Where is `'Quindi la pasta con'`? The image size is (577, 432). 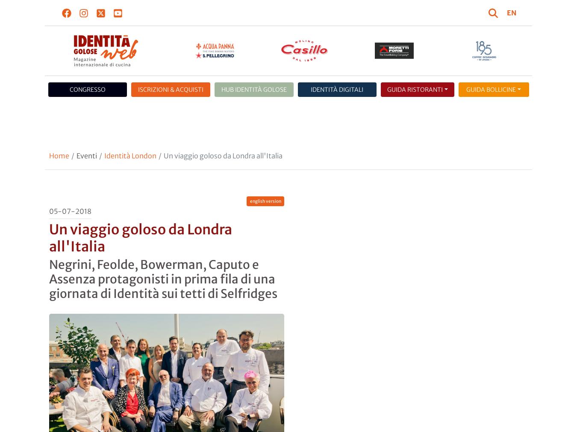
'Quindi la pasta con' is located at coordinates (80, 310).